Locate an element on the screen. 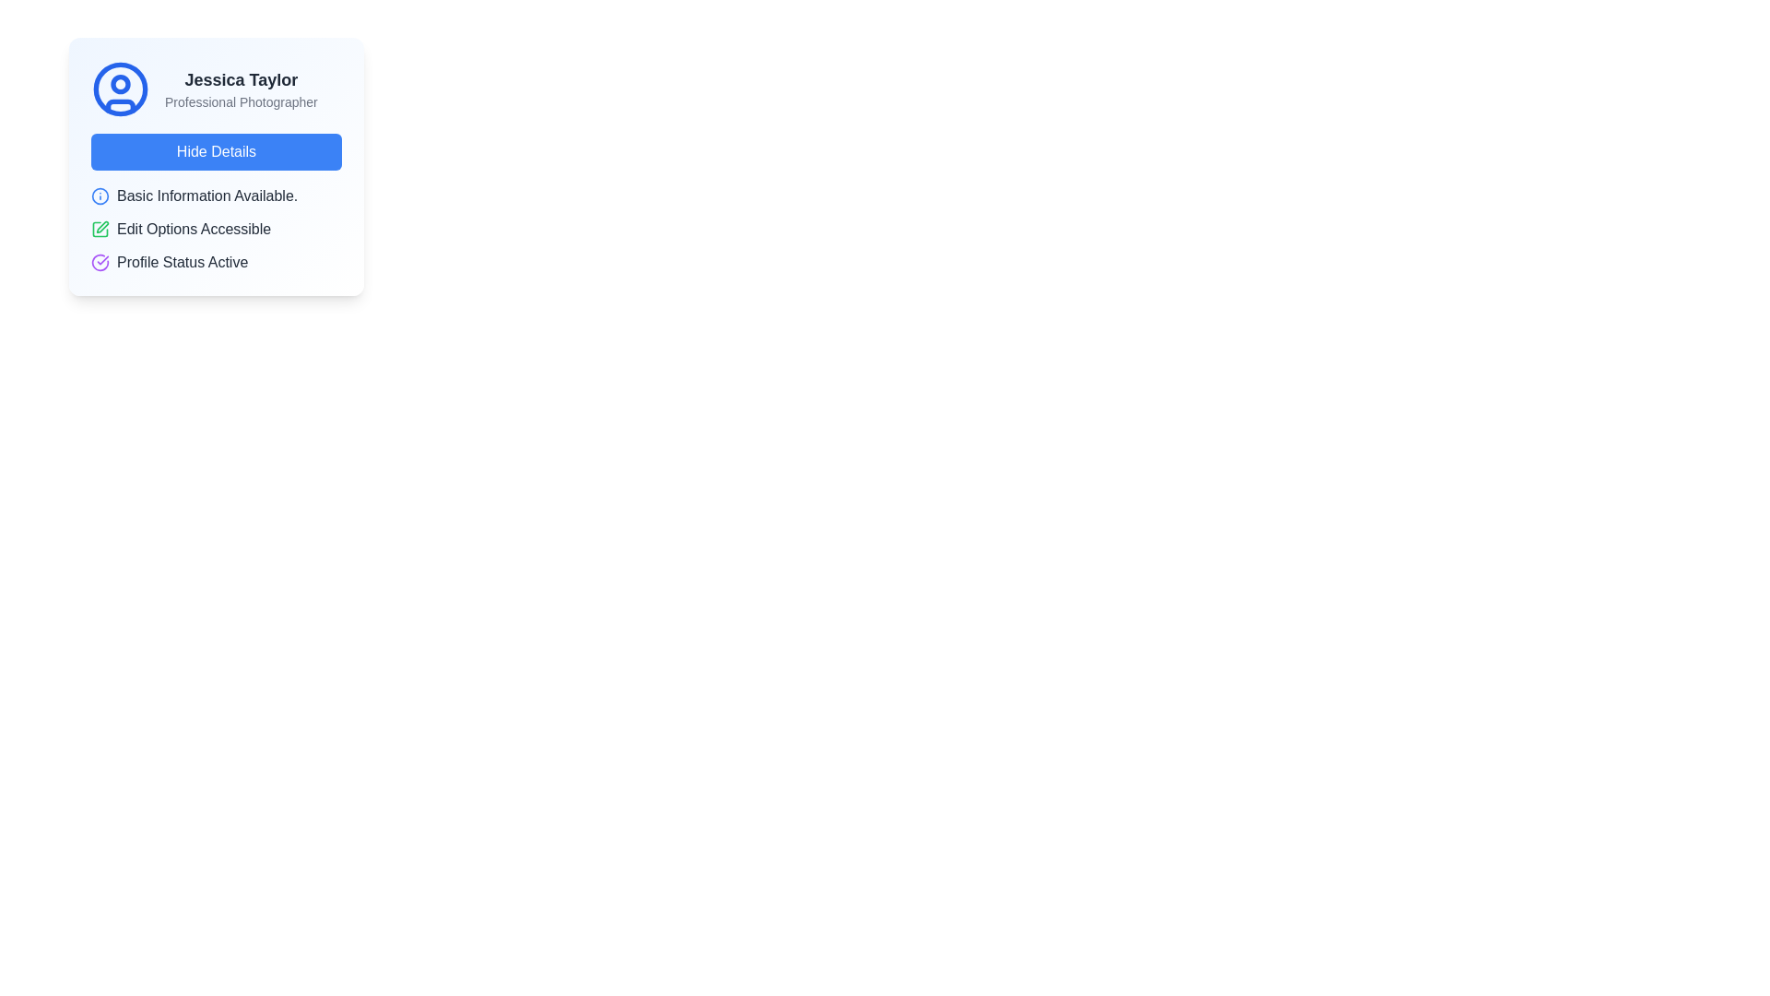 This screenshot has width=1770, height=996. the 'Edit Options Accessible' text element with the green pen icon, which is positioned between 'Basic Information Available' and 'Profile Status Active' is located at coordinates (217, 229).